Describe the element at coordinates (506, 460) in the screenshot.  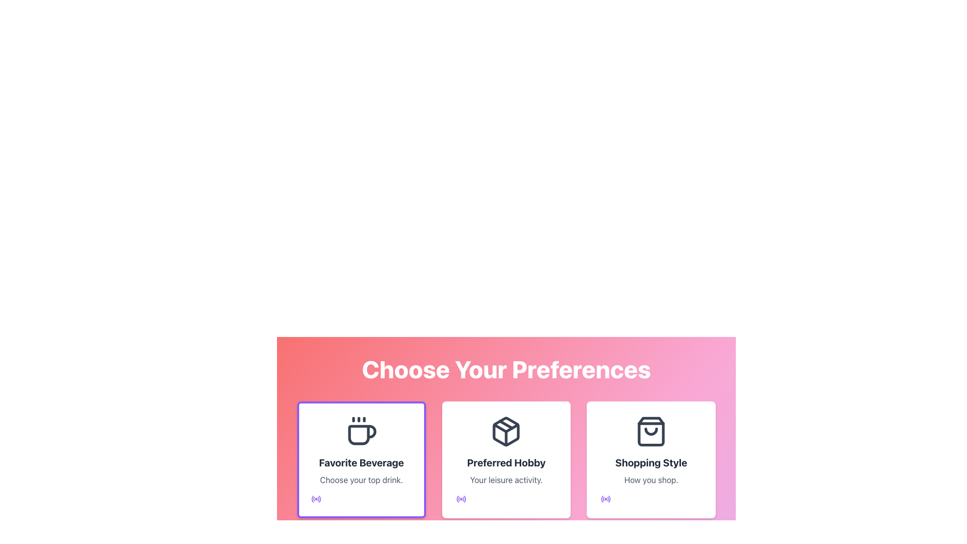
I see `the clickable card titled 'Preferred Hobby' that features a cube icon and two lines of text, with the card being the second in a horizontally arranged grid of three cards` at that location.